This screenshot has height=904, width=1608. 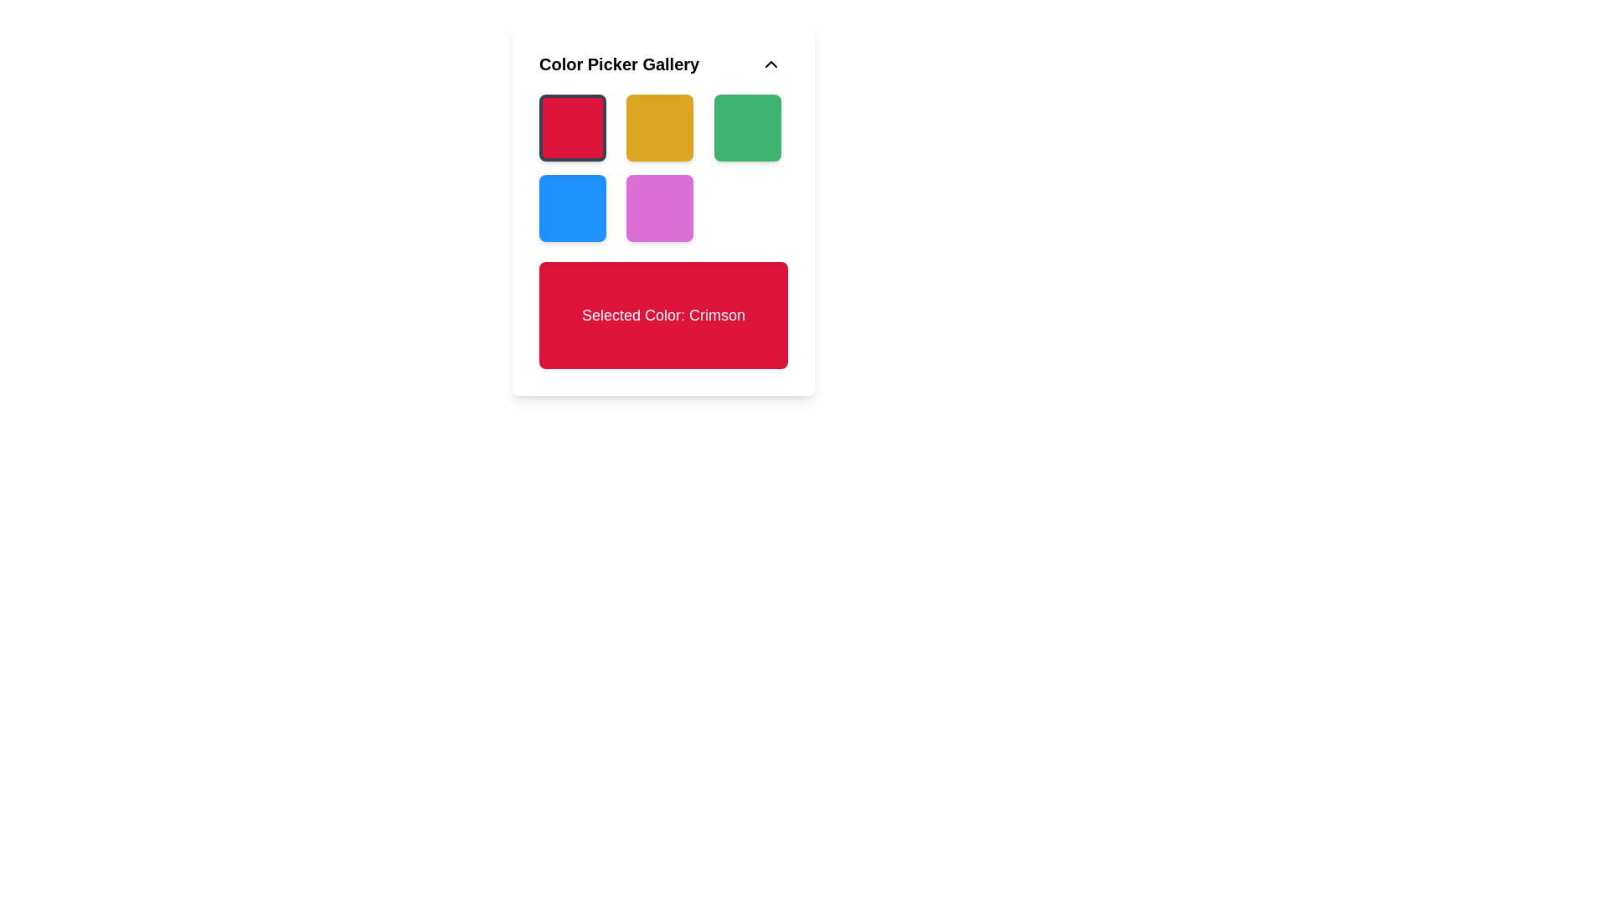 What do you see at coordinates (659, 127) in the screenshot?
I see `the color selection button located in the middle of the top row of a grid of six buttons` at bounding box center [659, 127].